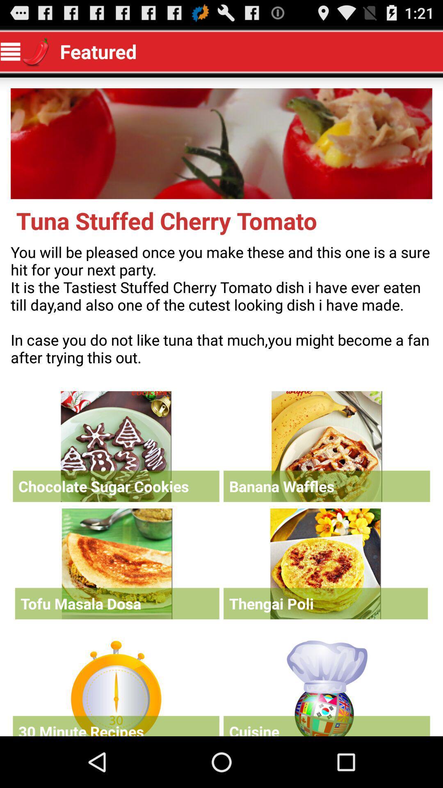 This screenshot has height=788, width=443. I want to click on thengai poli recipe selection, so click(325, 563).